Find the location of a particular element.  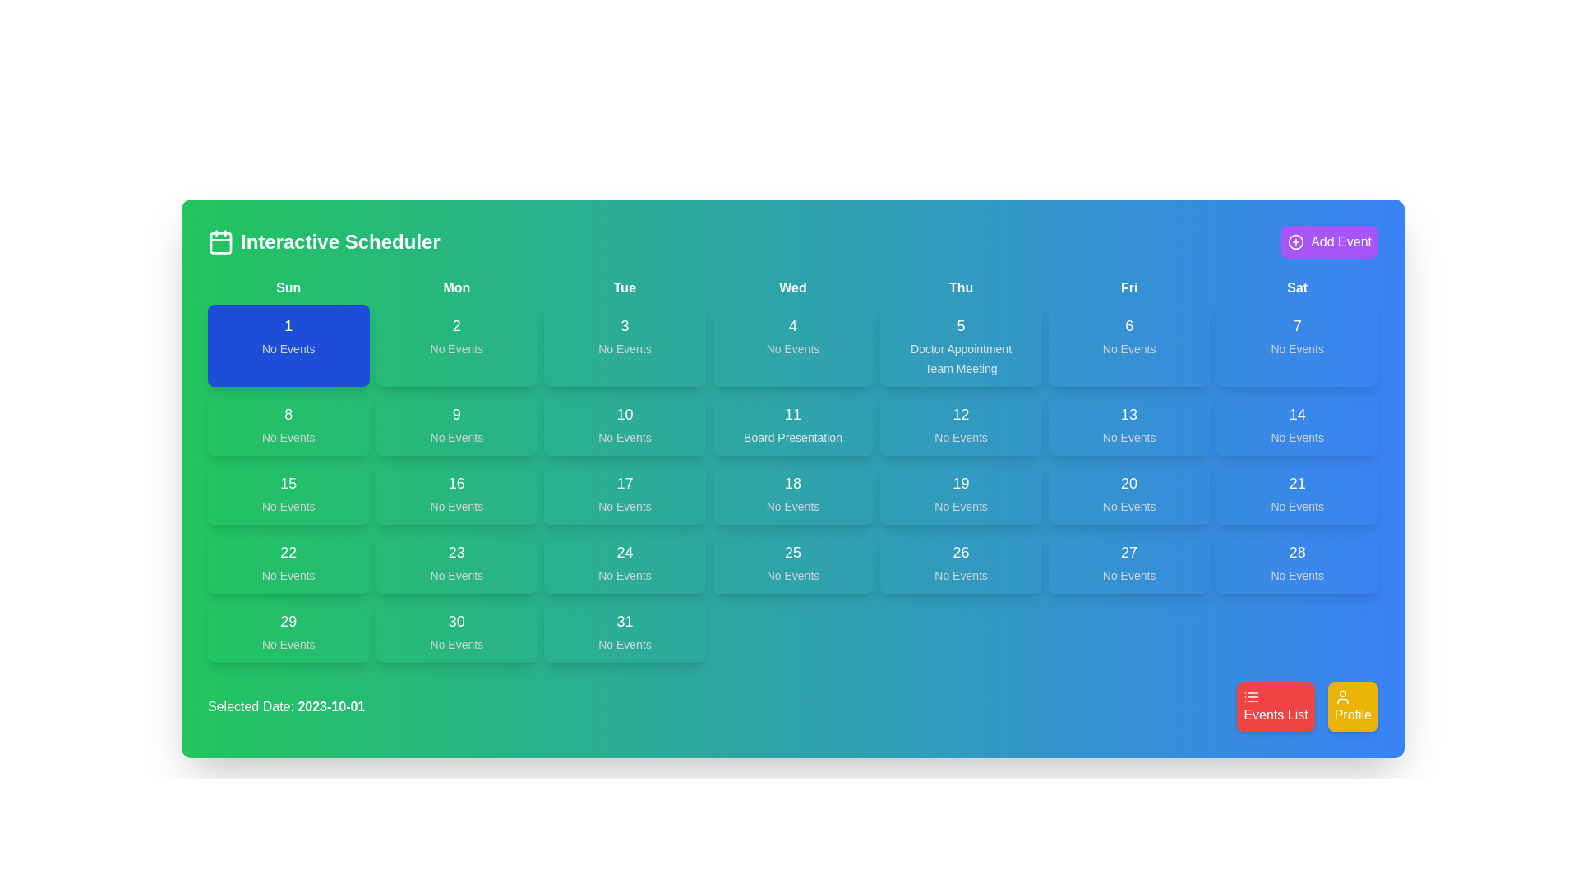

the calendar day box for the date '2' with the message 'No Events' displayed, which has a green background and rounded corners is located at coordinates (456, 344).